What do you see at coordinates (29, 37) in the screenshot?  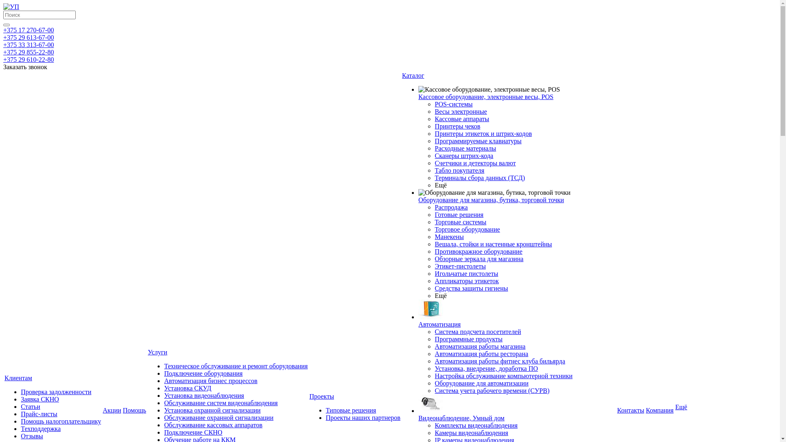 I see `'+375 29 613-67-00'` at bounding box center [29, 37].